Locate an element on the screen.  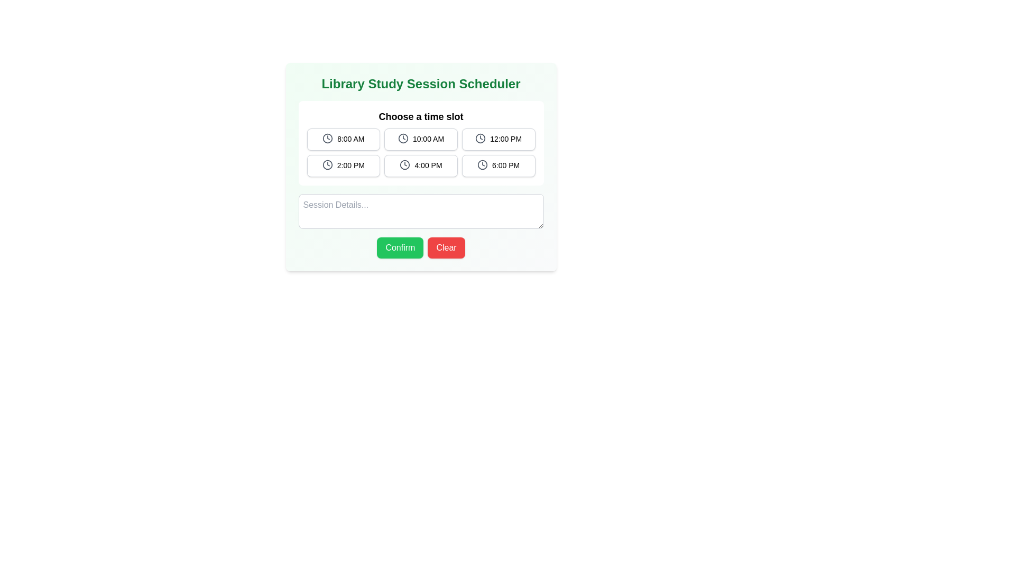
the selectable time slot button for '6:00 PM' located in the third row and third column of the time selection interface is located at coordinates (498, 165).